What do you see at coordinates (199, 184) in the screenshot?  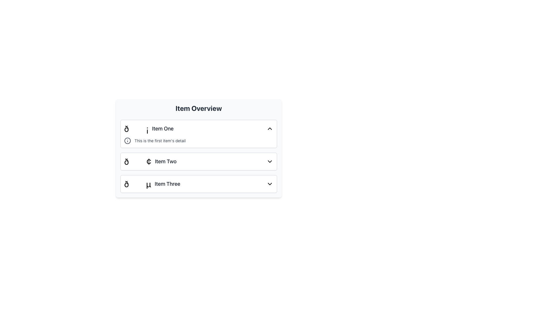 I see `the List Item displaying 'Item Three'` at bounding box center [199, 184].